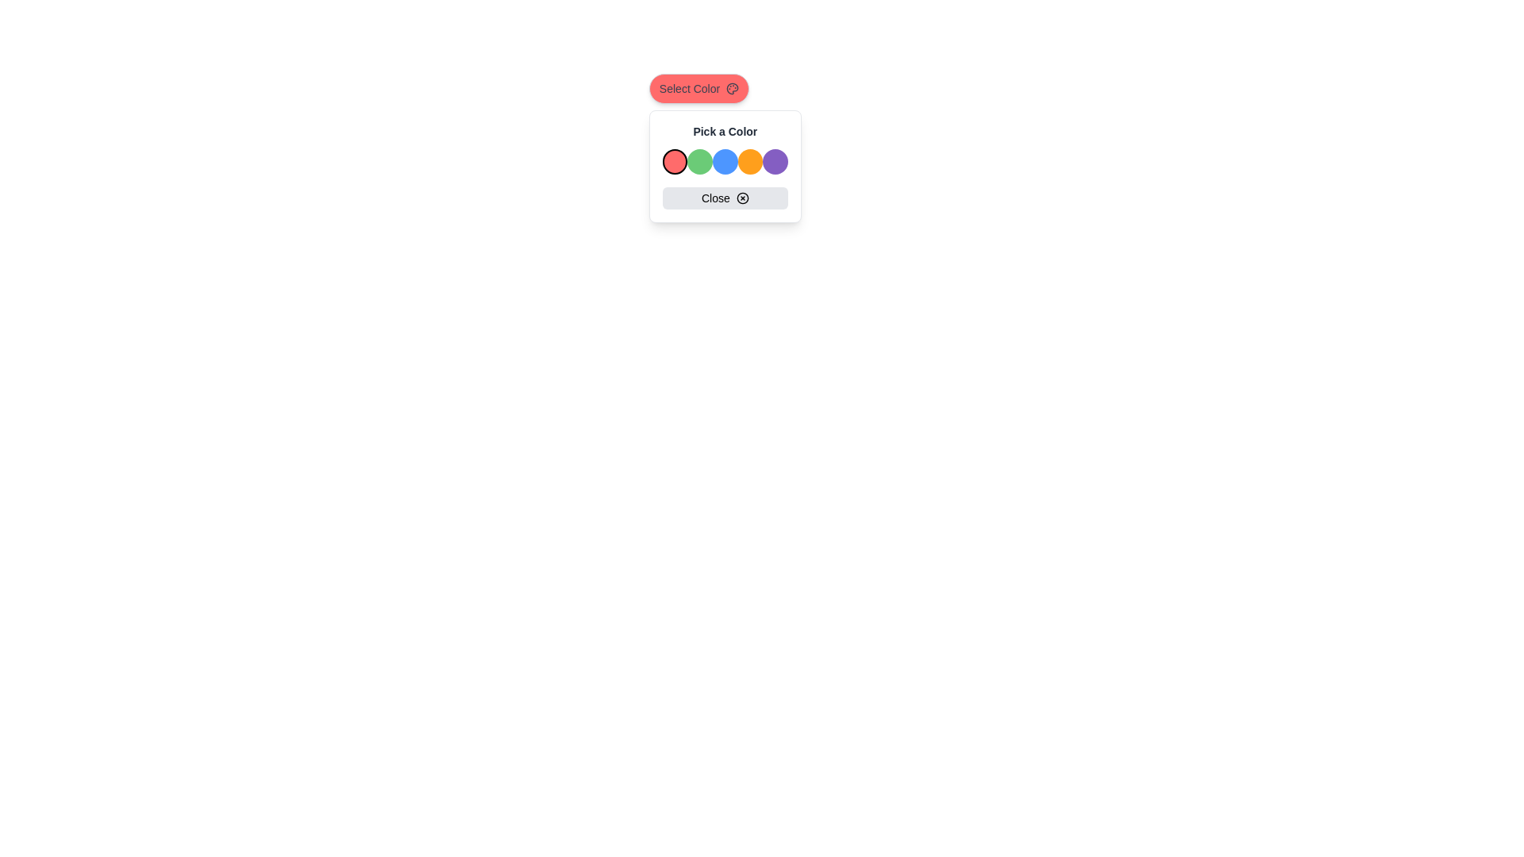  Describe the element at coordinates (724, 166) in the screenshot. I see `the color options in the dropdown modal` at that location.